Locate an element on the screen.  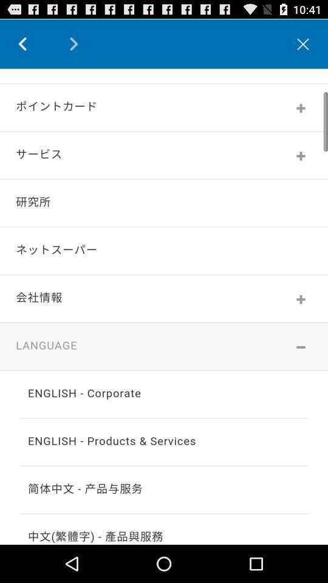
all the box selekt is located at coordinates (164, 305).